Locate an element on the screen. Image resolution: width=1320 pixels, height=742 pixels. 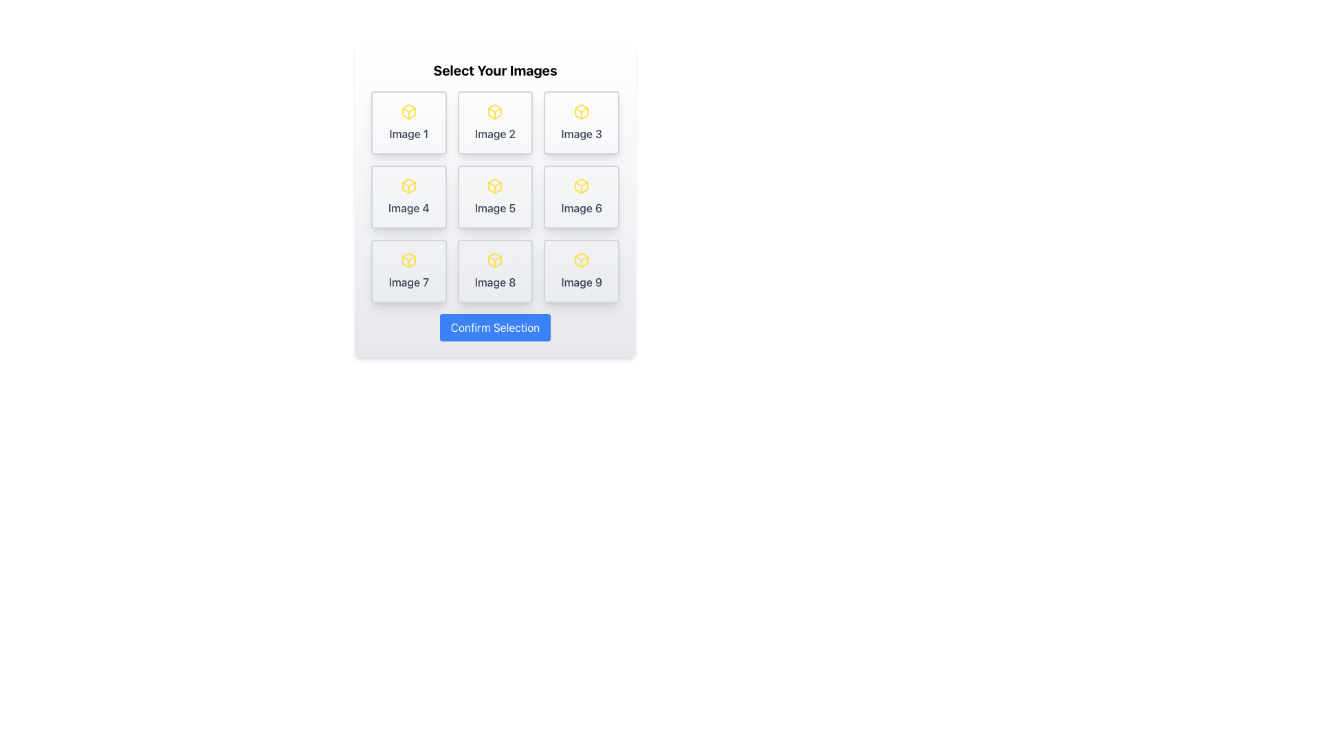
the yellow 3D box icon located is located at coordinates (582, 185).